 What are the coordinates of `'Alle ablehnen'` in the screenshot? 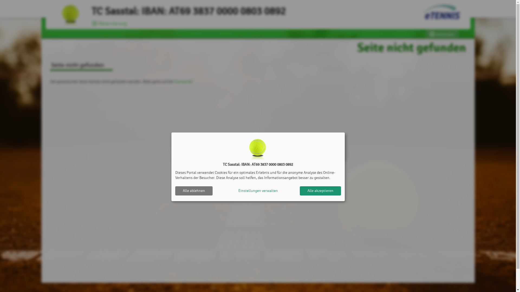 It's located at (194, 190).